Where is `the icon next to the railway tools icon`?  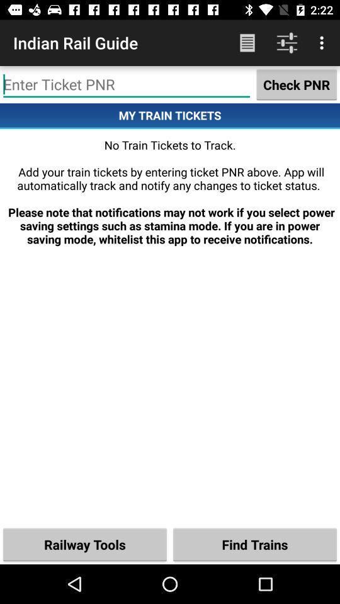
the icon next to the railway tools icon is located at coordinates (255, 544).